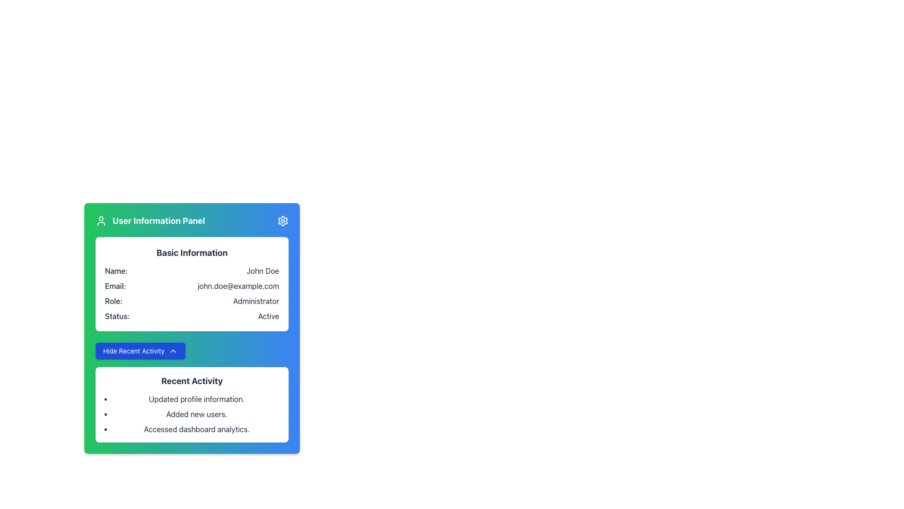 The width and height of the screenshot is (904, 509). Describe the element at coordinates (196, 414) in the screenshot. I see `the text label displaying 'Added new users' in the Recent Activity list` at that location.